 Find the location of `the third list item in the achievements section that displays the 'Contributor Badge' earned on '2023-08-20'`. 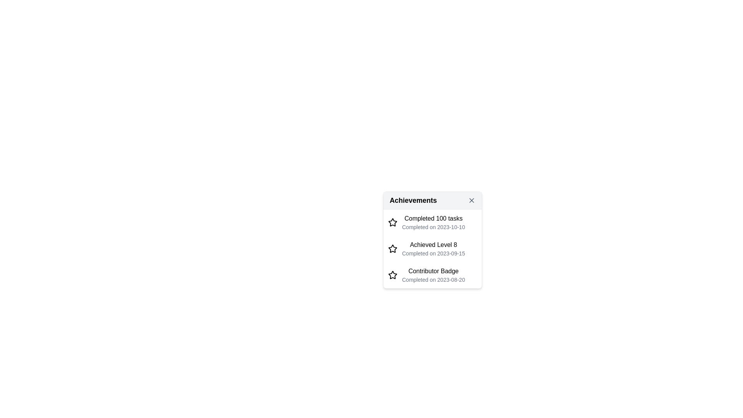

the third list item in the achievements section that displays the 'Contributor Badge' earned on '2023-08-20' is located at coordinates (432, 274).